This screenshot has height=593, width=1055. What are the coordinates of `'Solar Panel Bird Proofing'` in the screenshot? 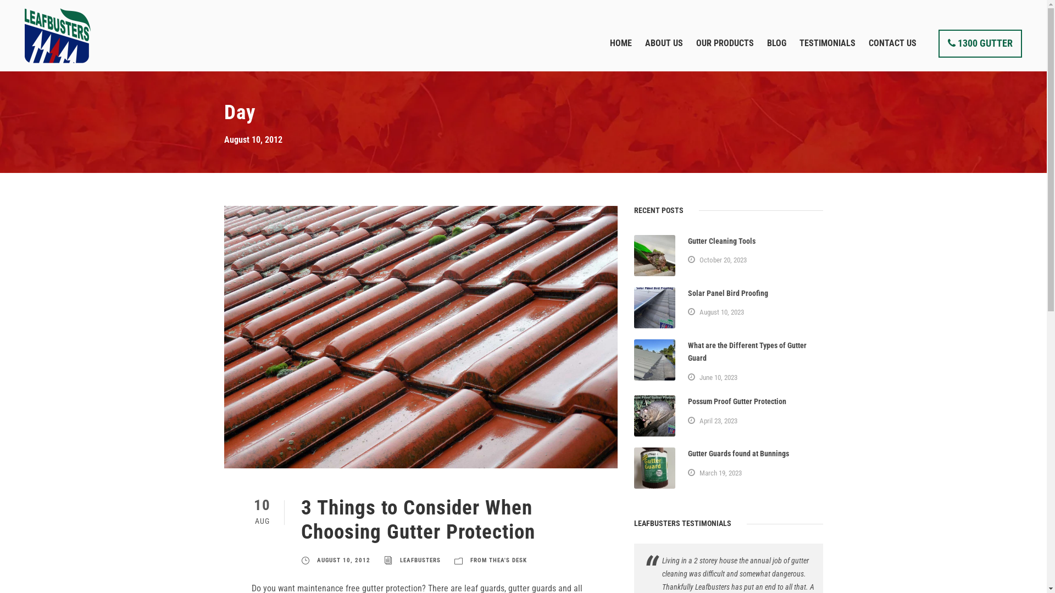 It's located at (728, 292).